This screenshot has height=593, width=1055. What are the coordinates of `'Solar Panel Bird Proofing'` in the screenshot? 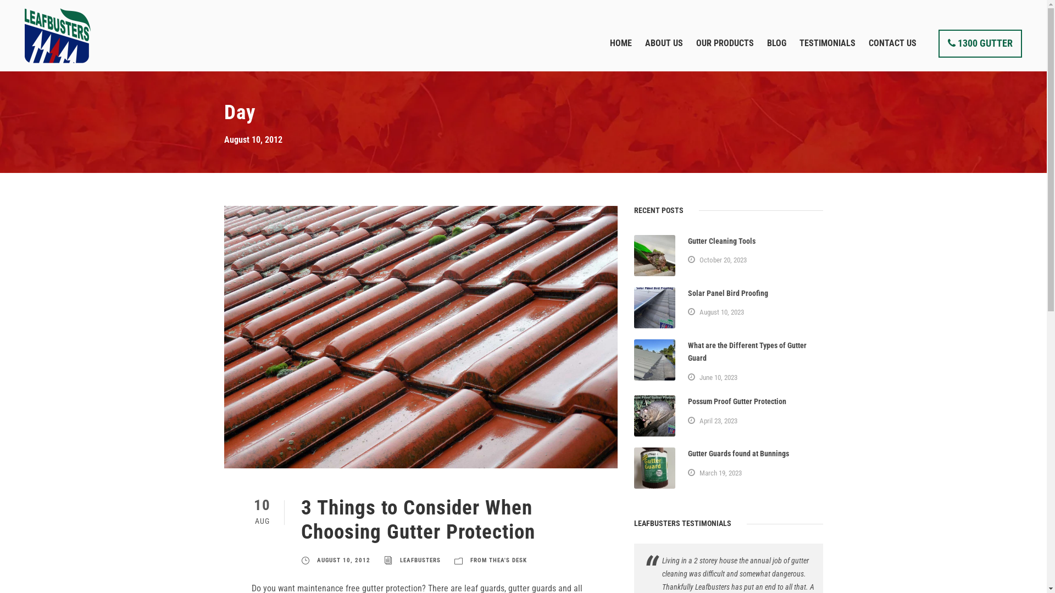 It's located at (728, 292).